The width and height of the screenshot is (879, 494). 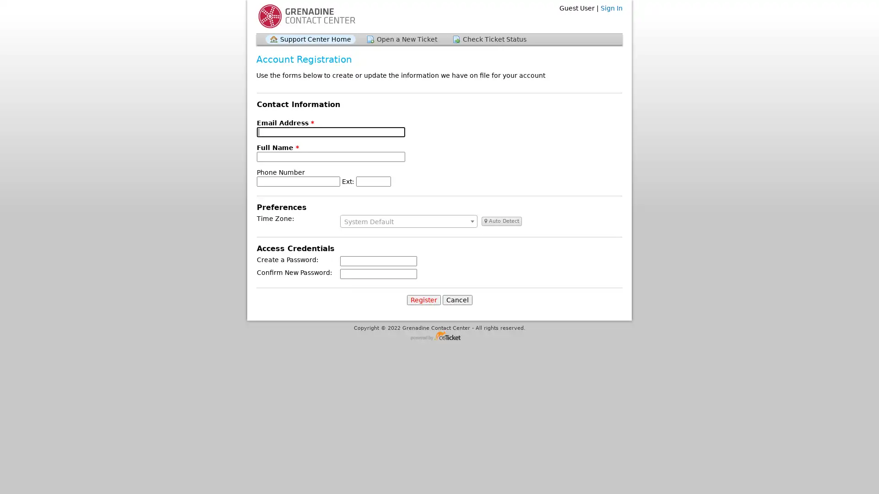 What do you see at coordinates (423, 300) in the screenshot?
I see `Register` at bounding box center [423, 300].